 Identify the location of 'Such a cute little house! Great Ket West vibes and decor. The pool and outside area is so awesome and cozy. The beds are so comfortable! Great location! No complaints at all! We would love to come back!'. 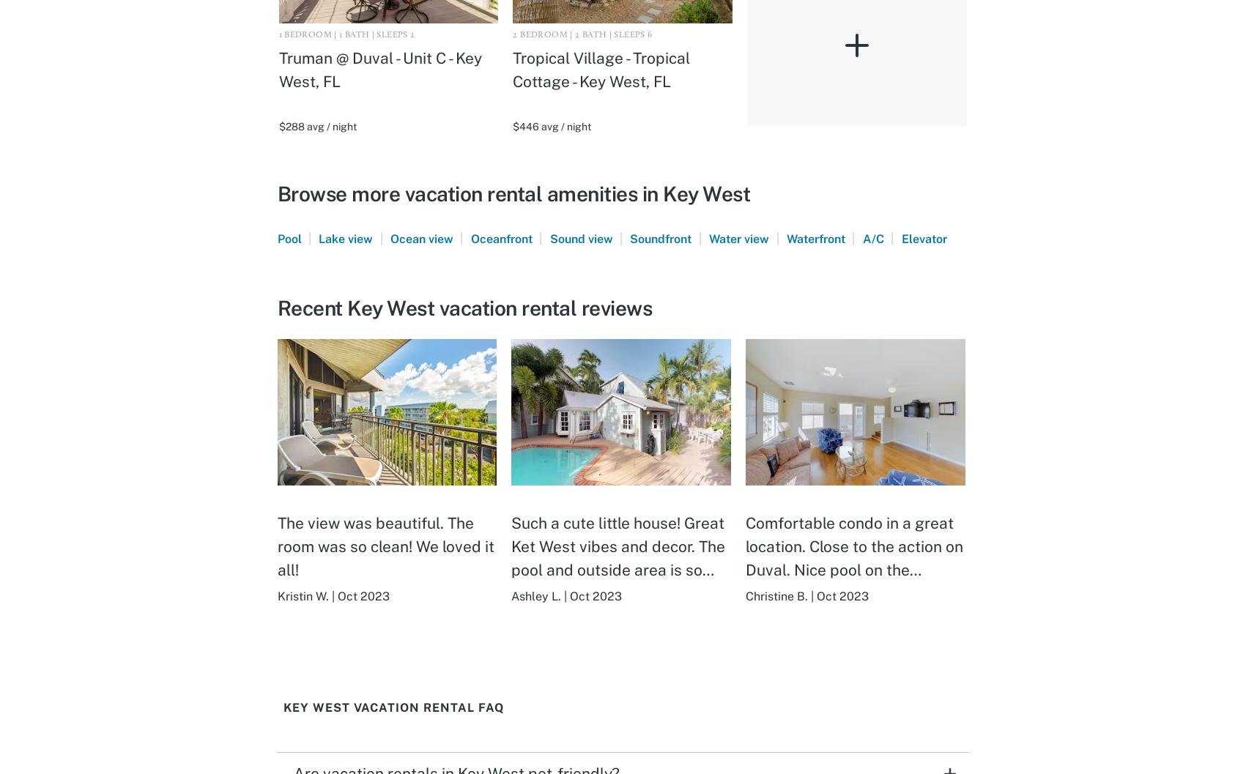
(618, 592).